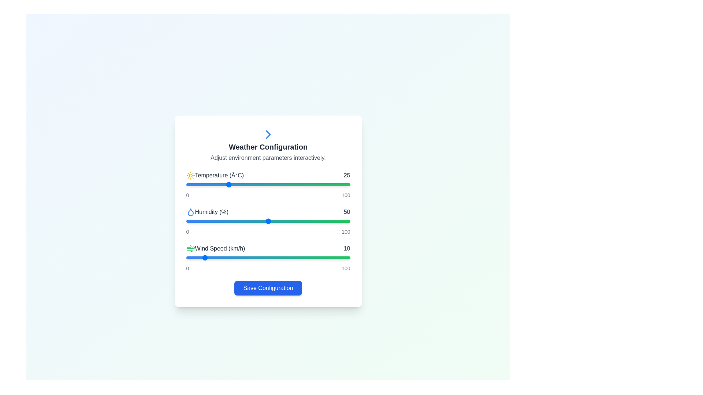  Describe the element at coordinates (190, 248) in the screenshot. I see `the wind motif icon located to the left of the 'Wind Speed (km/h)' text in the 'Weather Configuration' card` at that location.